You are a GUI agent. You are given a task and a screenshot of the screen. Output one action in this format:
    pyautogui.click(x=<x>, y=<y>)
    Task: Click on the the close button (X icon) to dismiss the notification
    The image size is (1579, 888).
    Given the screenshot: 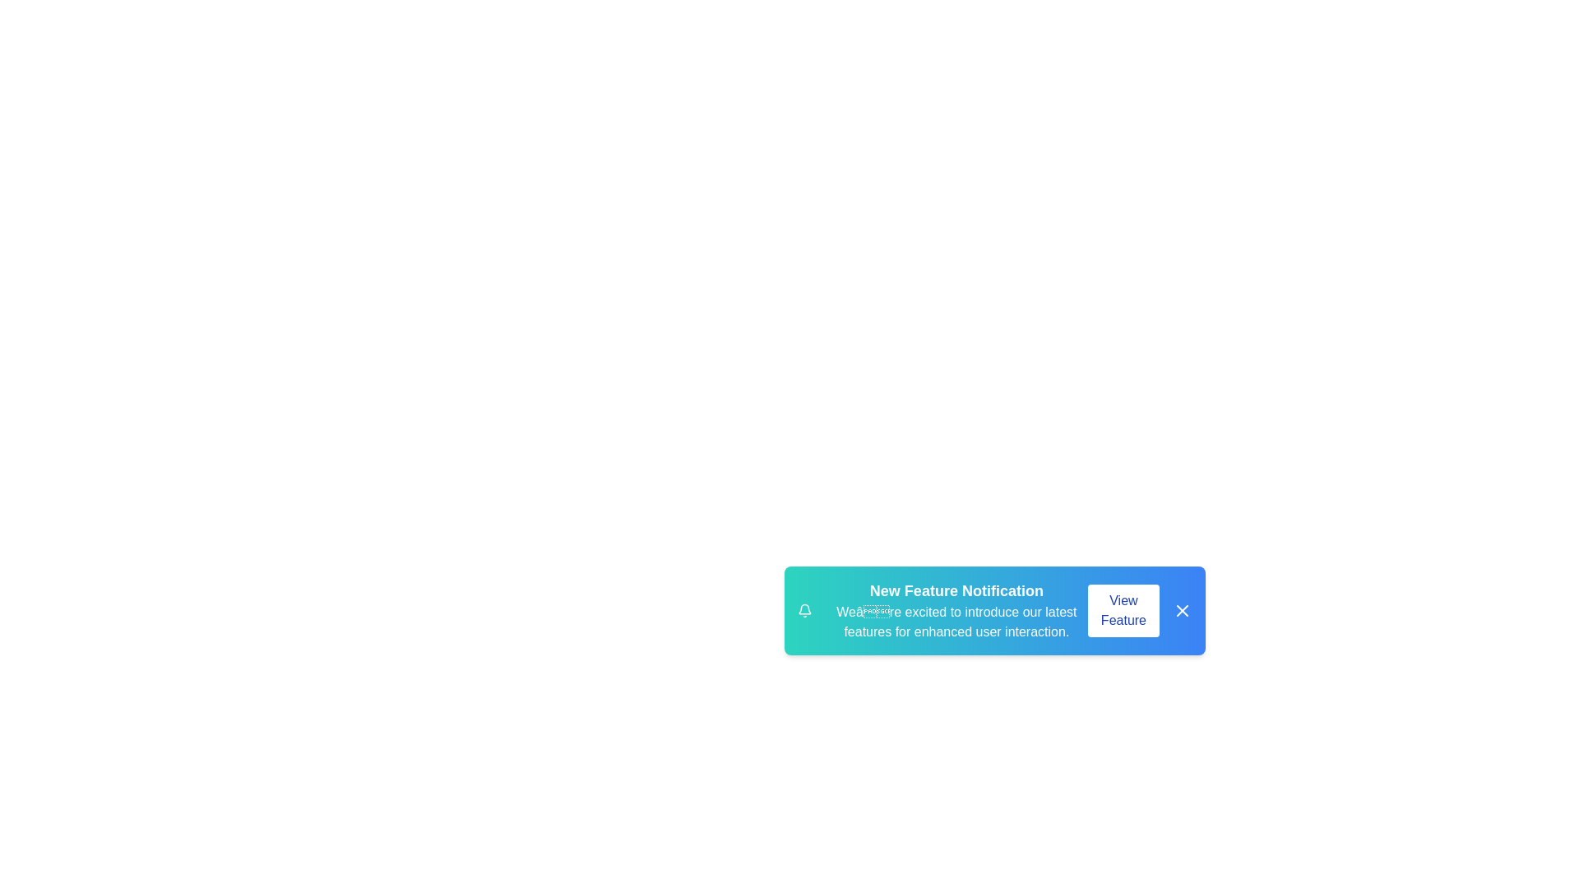 What is the action you would take?
    pyautogui.click(x=1182, y=611)
    